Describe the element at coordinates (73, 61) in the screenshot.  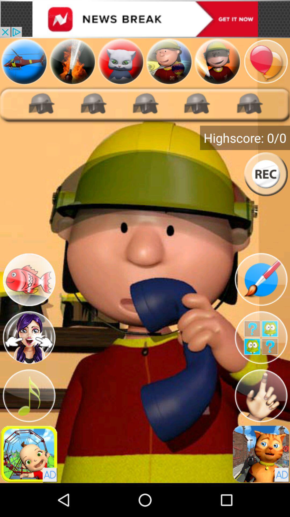
I see `firefighter games` at that location.